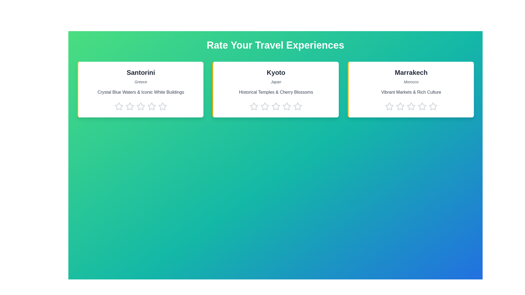 The width and height of the screenshot is (525, 295). Describe the element at coordinates (410, 89) in the screenshot. I see `the destination card for Marrakech to inspect its country information` at that location.